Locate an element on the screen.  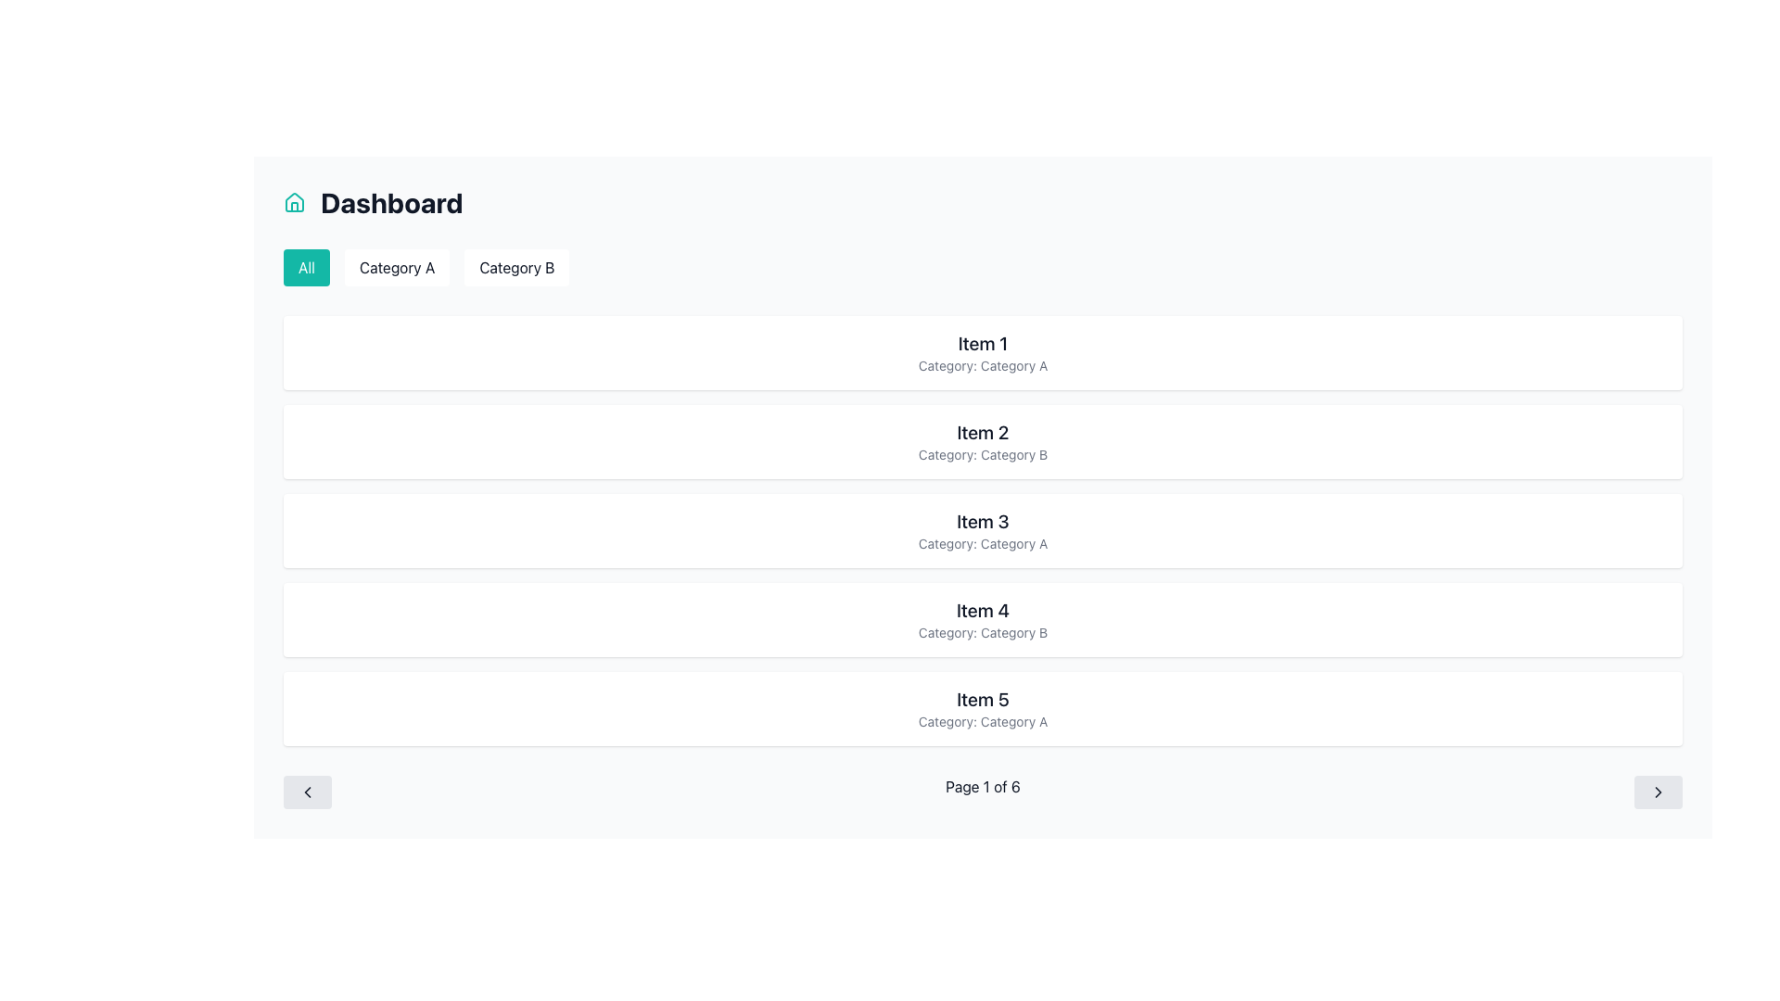
the third button located below the 'Dashboard' heading to filter content by 'Category B' is located at coordinates (516, 268).